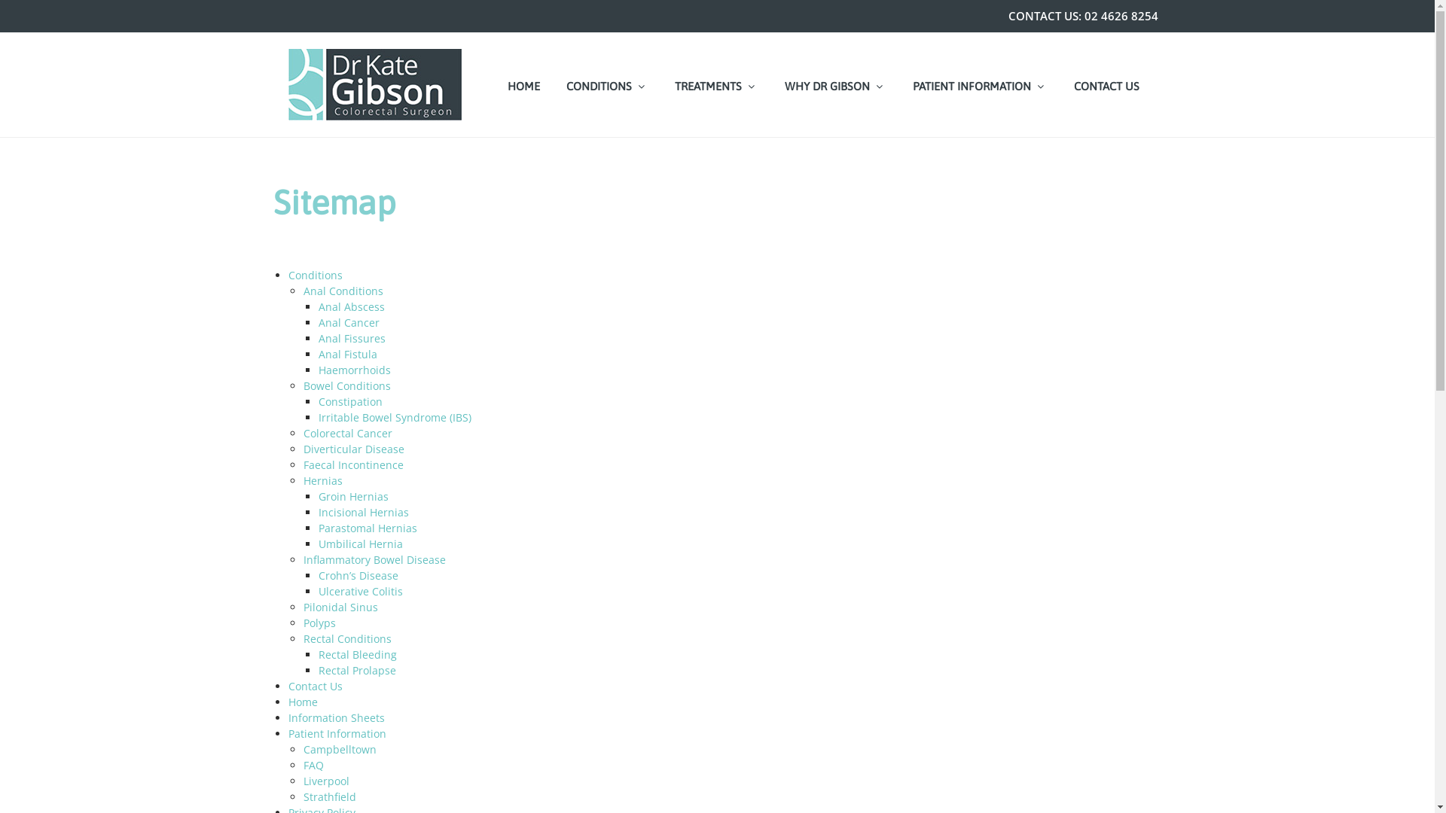  Describe the element at coordinates (349, 400) in the screenshot. I see `'Constipation'` at that location.